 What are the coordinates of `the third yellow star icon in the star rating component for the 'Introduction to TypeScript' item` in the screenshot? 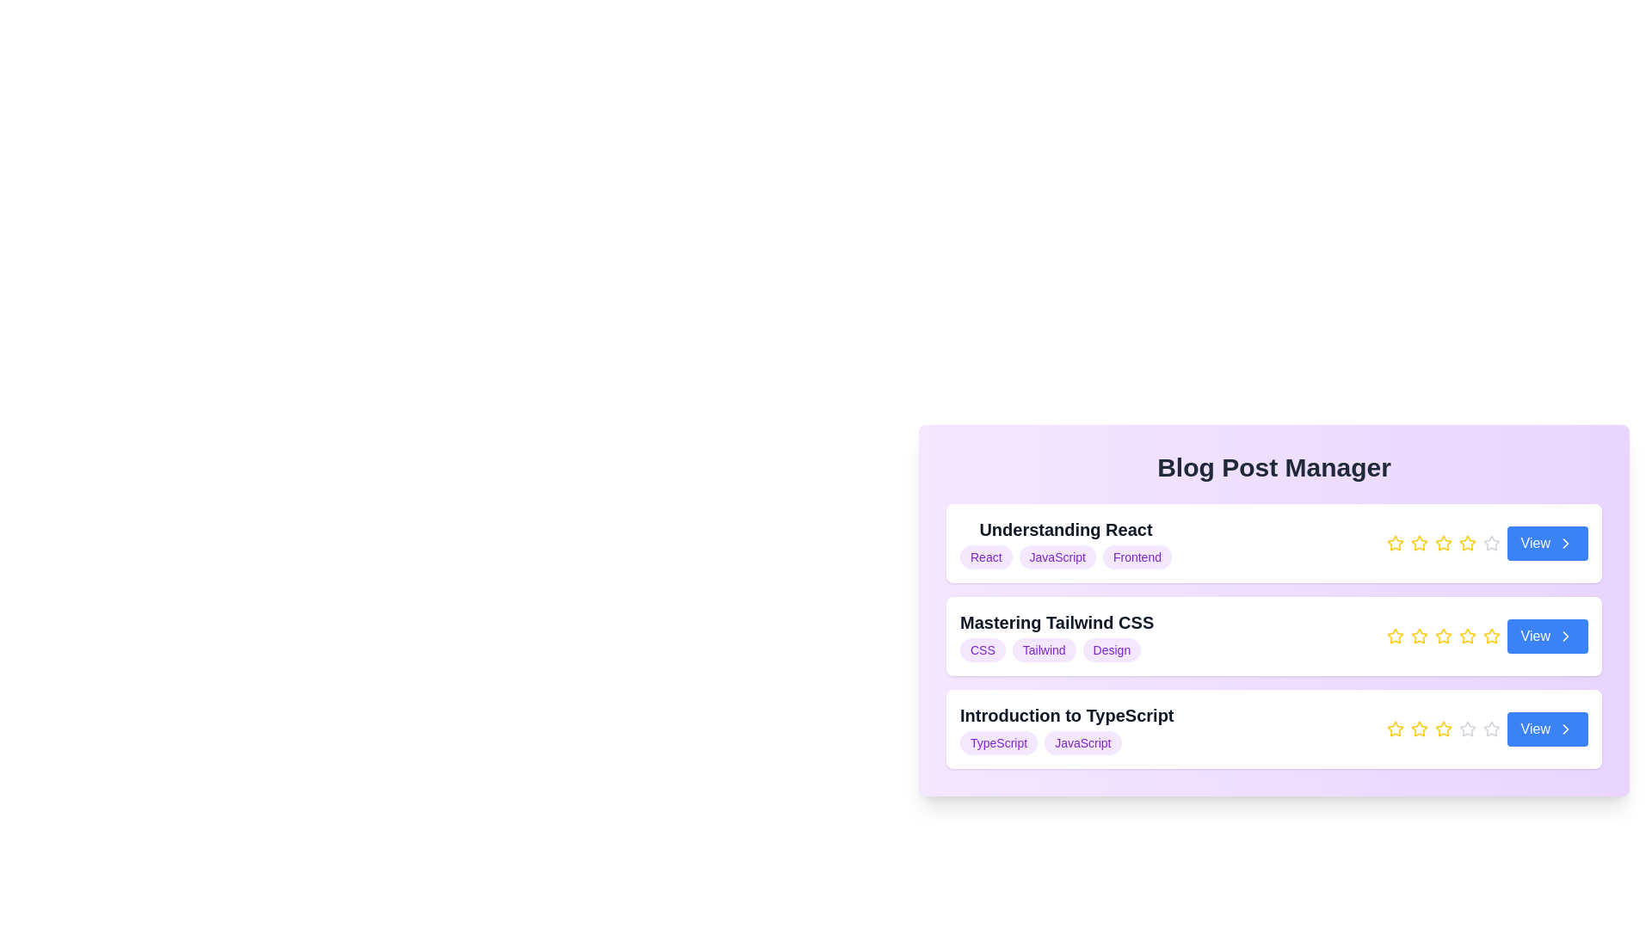 It's located at (1419, 729).